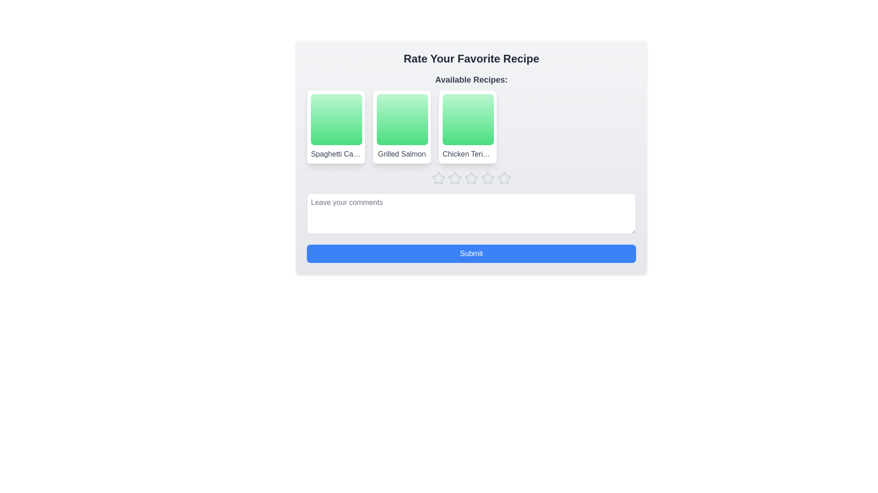  What do you see at coordinates (336, 119) in the screenshot?
I see `the Decorative display area, which is a square with a gradient background transitioning from light green to dark green, located at the top of the recipe selection card for 'Spaghetti Carbonara'` at bounding box center [336, 119].